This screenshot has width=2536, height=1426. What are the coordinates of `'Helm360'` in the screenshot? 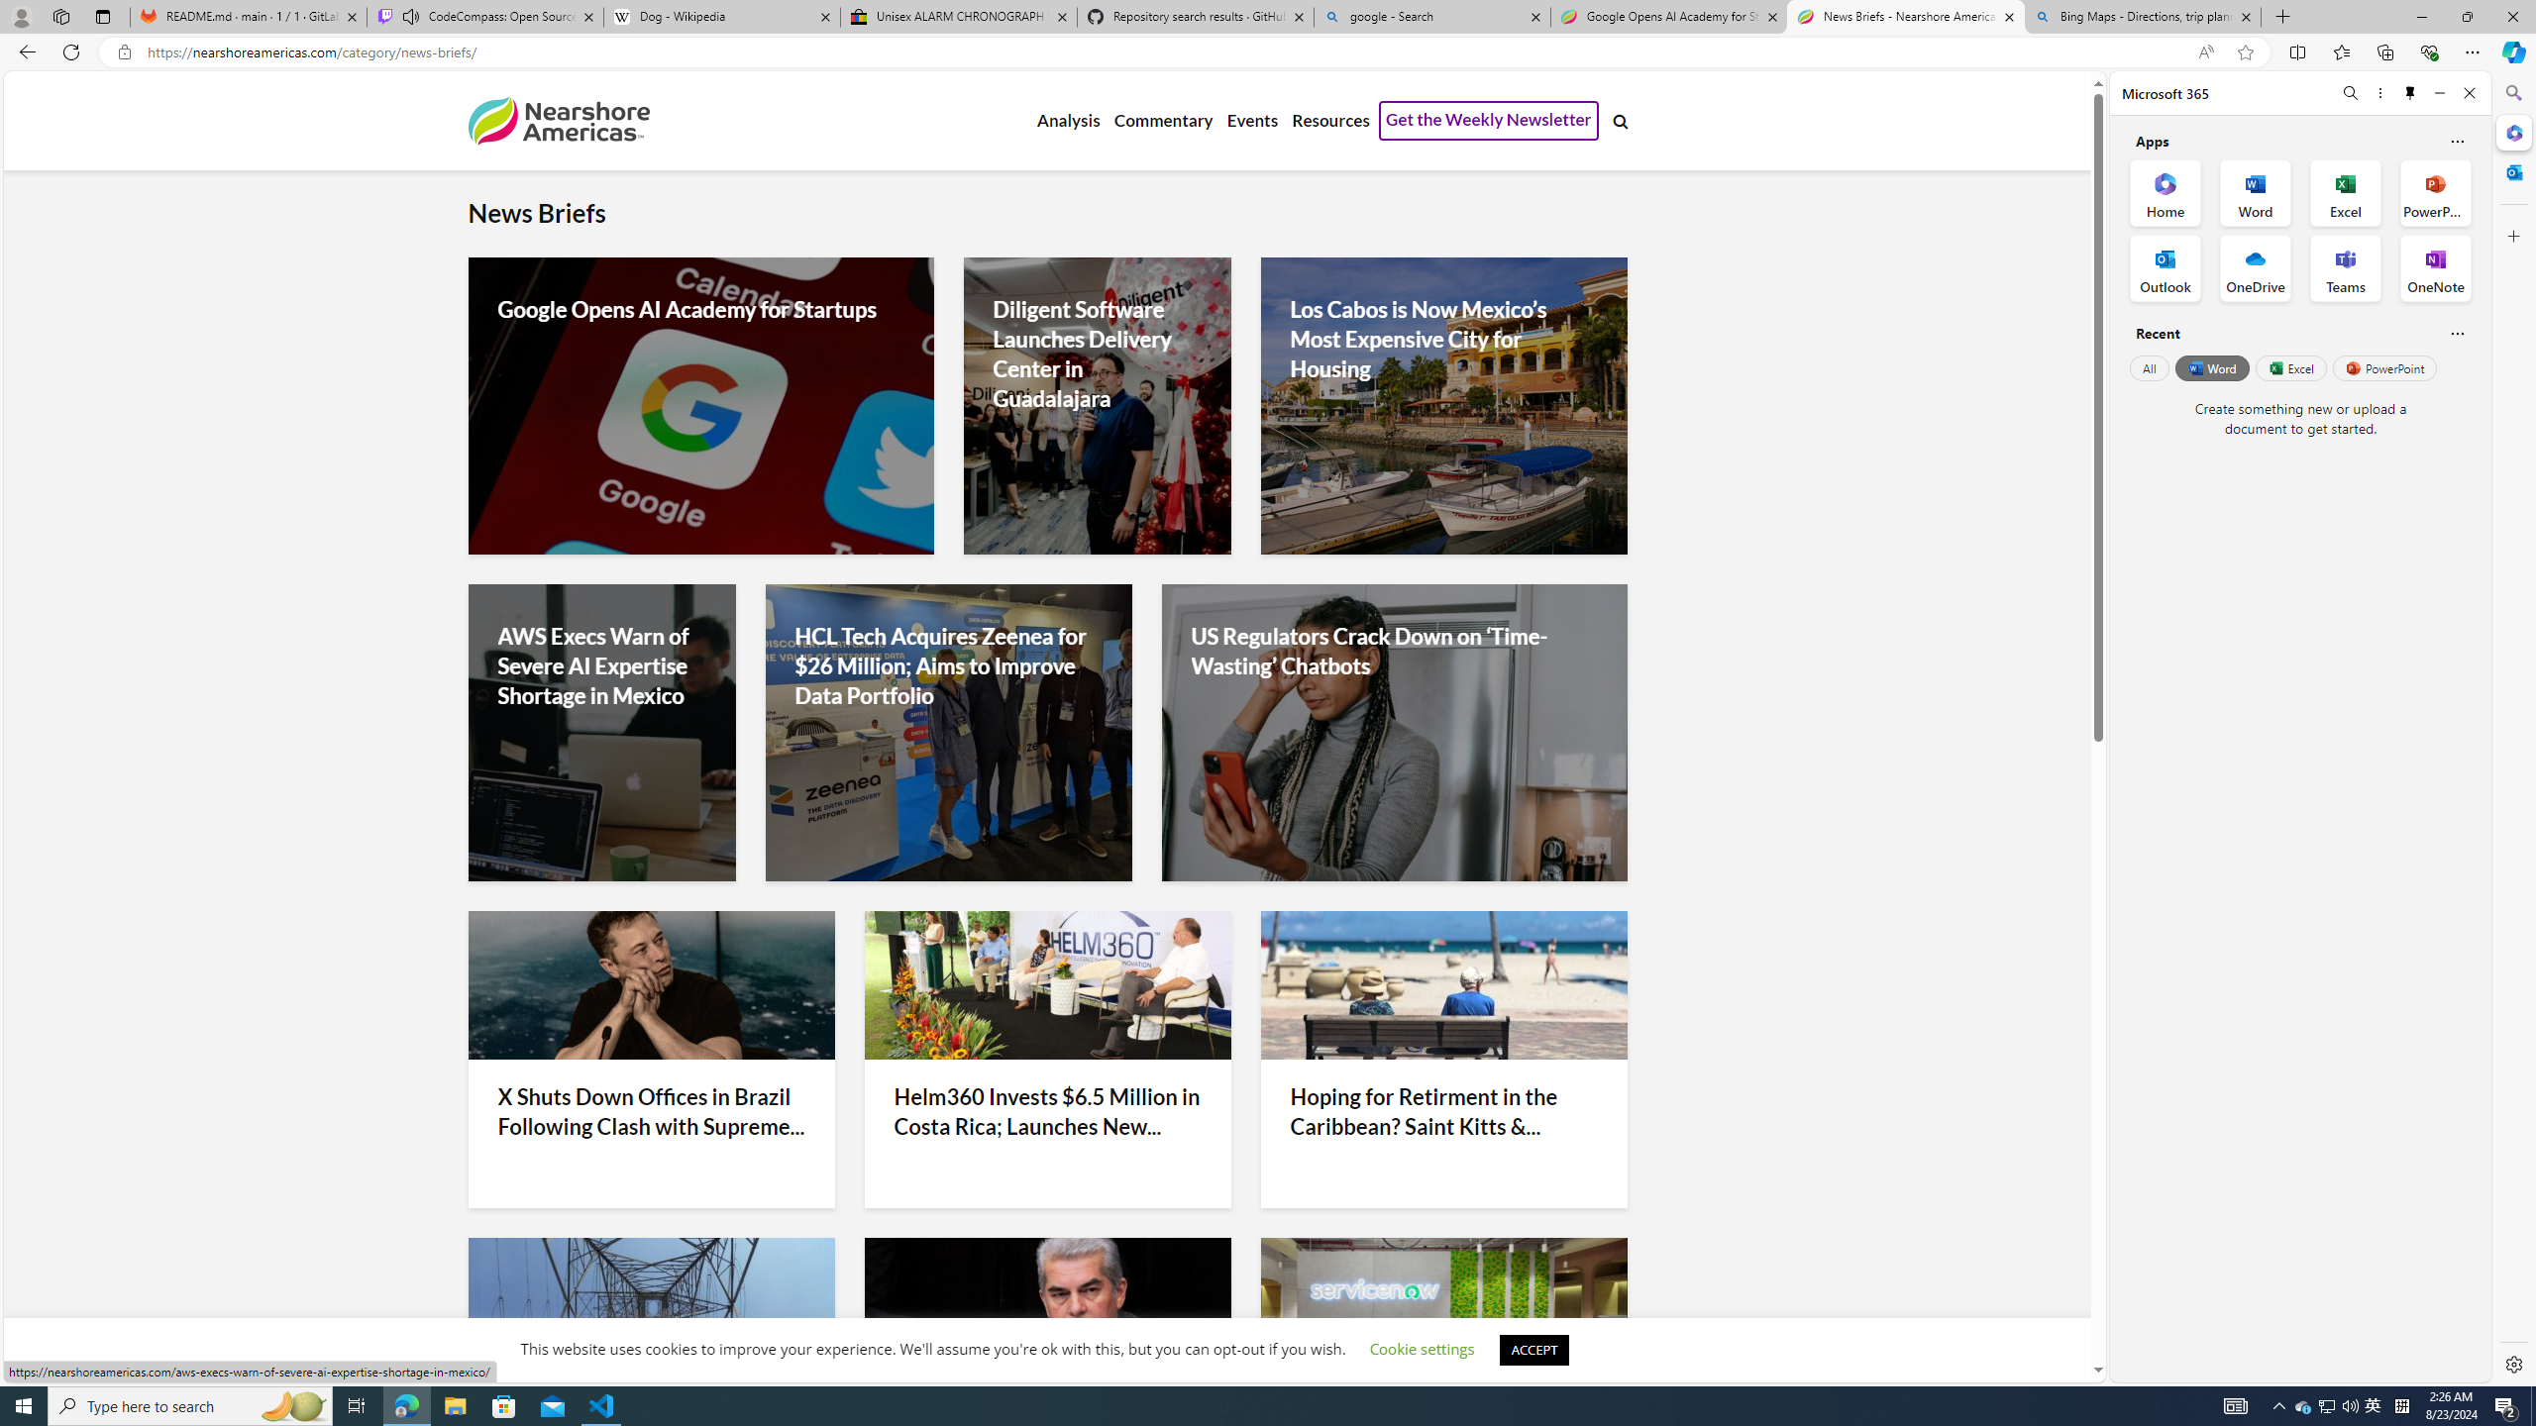 It's located at (1047, 985).